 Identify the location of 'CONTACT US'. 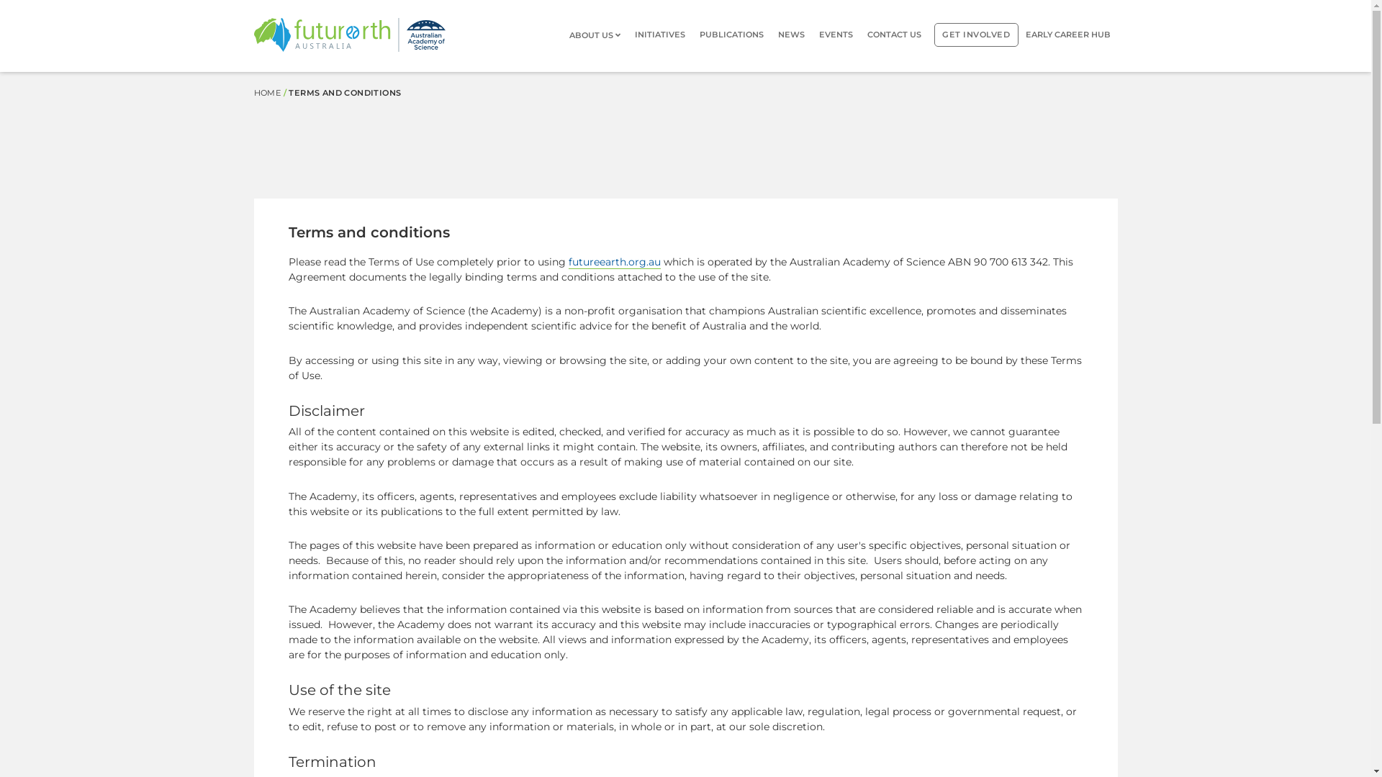
(893, 34).